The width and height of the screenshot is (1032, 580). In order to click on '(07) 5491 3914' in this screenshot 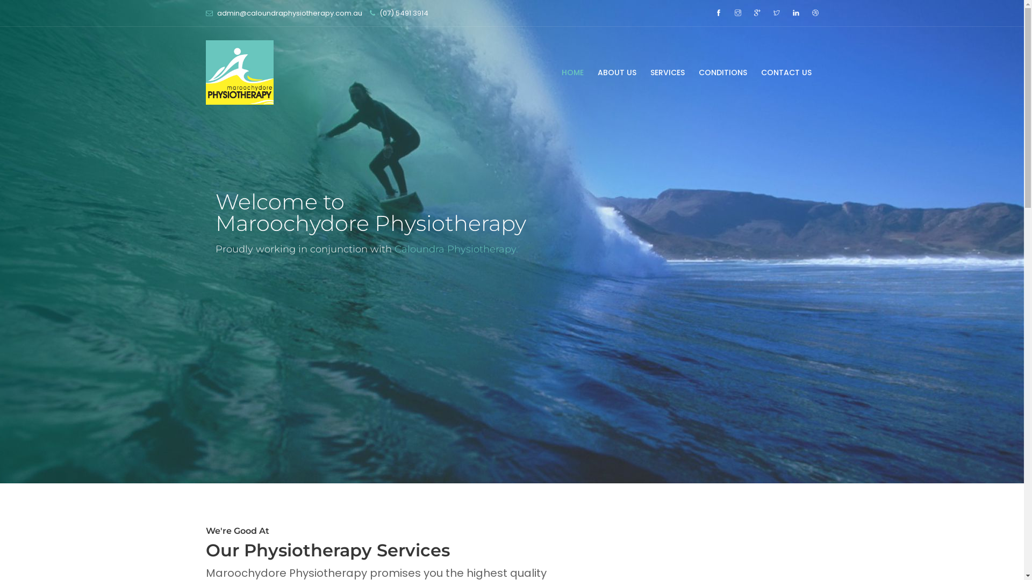, I will do `click(403, 13)`.